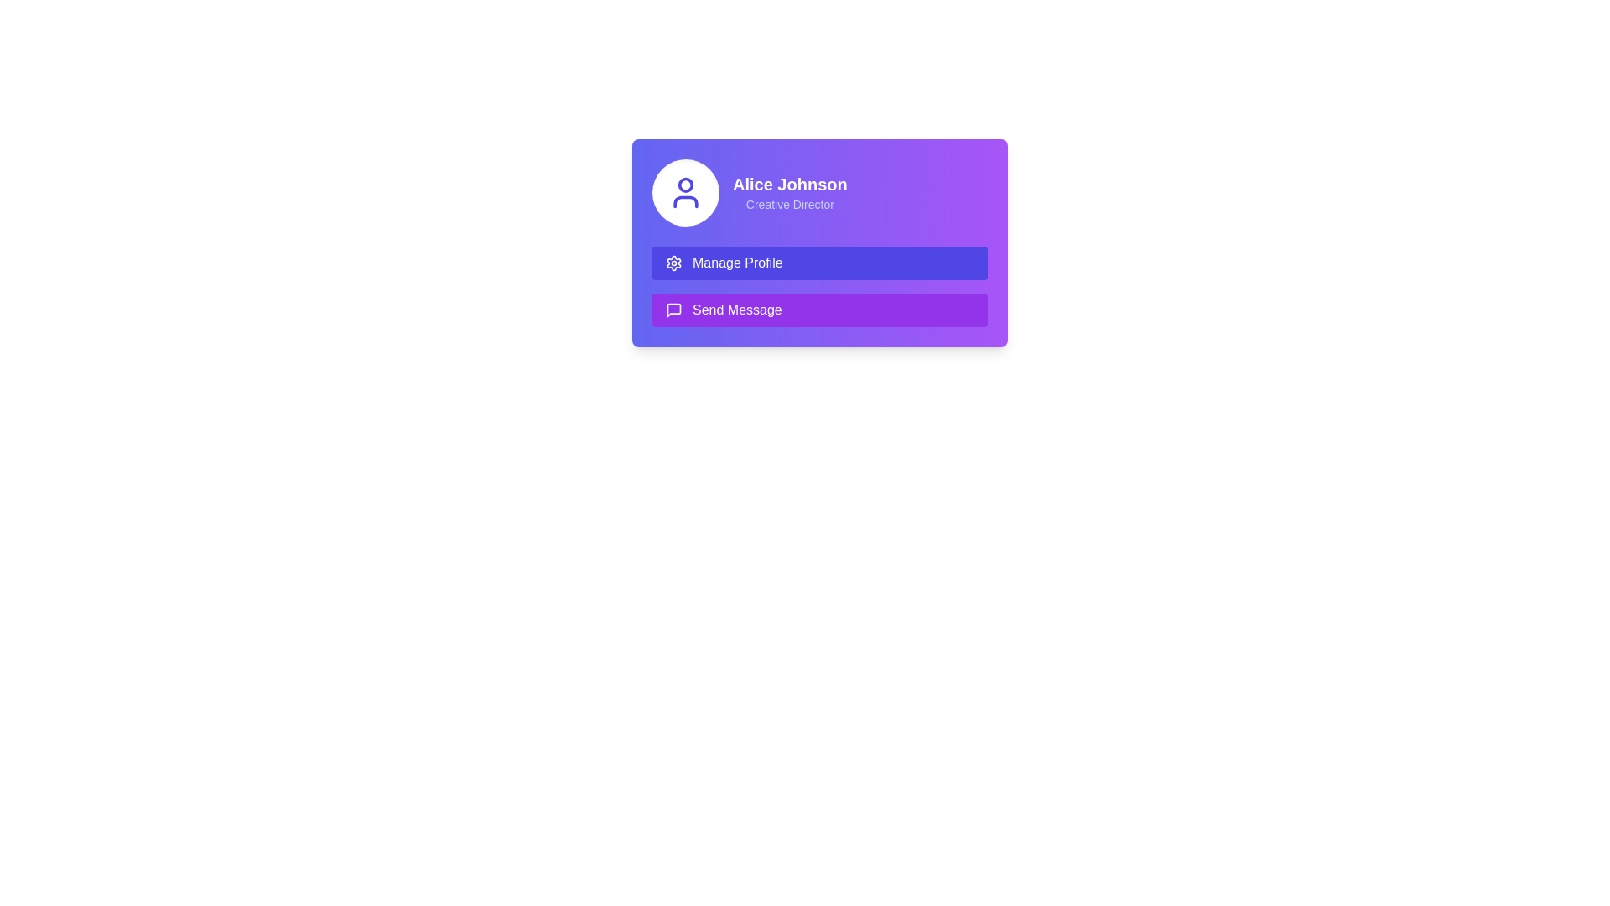  Describe the element at coordinates (685, 192) in the screenshot. I see `the user icon located at the top-left corner of the card` at that location.